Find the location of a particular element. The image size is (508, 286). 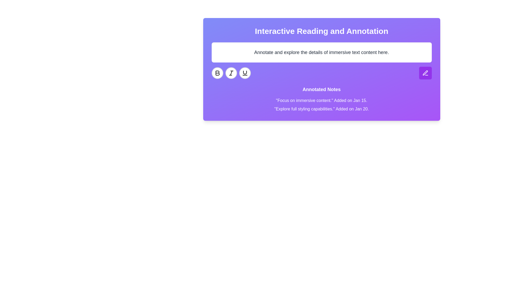

the bold 'B' icon button, which is the first formatting option on the left of the text input area is located at coordinates (217, 73).